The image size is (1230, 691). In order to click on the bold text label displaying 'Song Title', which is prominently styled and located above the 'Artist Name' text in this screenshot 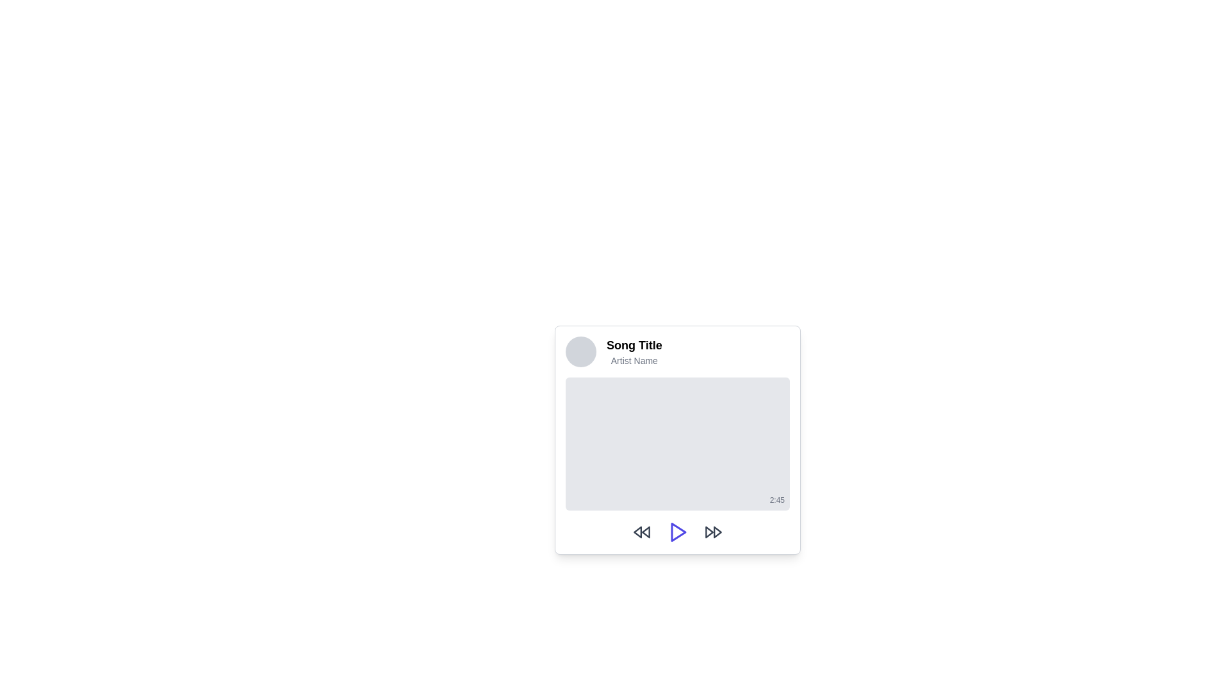, I will do `click(634, 345)`.